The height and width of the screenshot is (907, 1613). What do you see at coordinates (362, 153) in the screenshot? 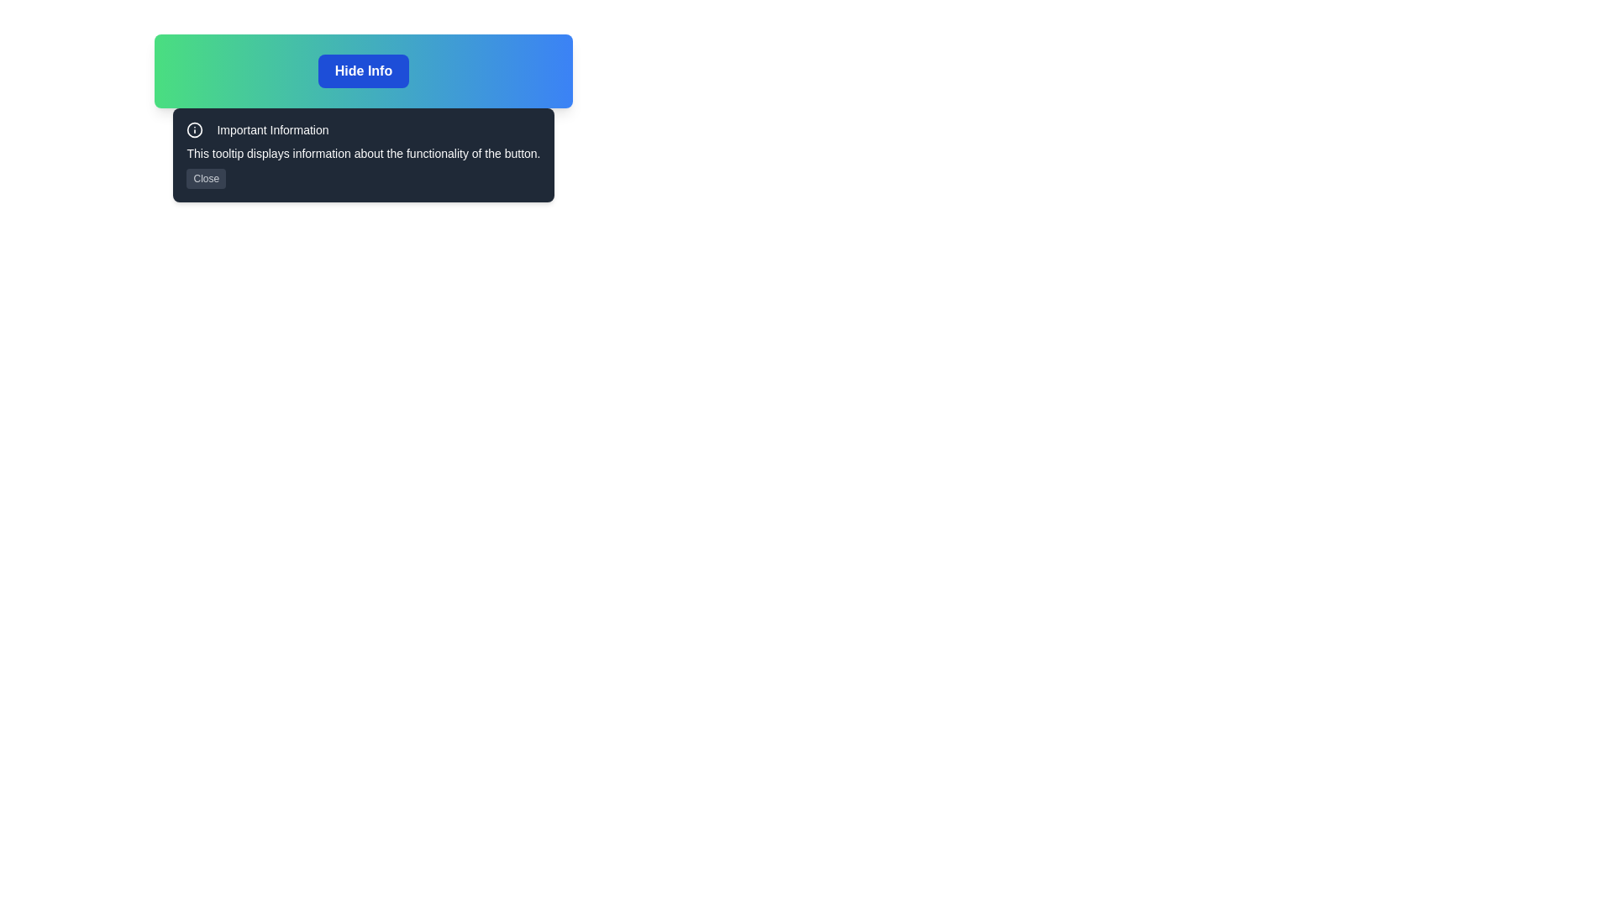
I see `text displayed in the text element that shows 'This tooltip displays information about the functionality of the button.' positioned beneath the 'Important Information' header` at bounding box center [362, 153].